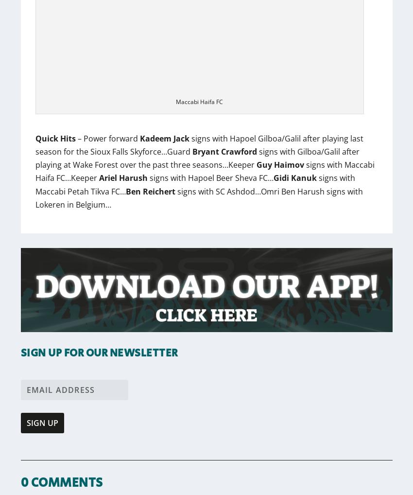 This screenshot has width=413, height=495. What do you see at coordinates (34, 158) in the screenshot?
I see `'signs with Gilboa/Galil after playing at Wake Forest over the past three seasons…Keeper'` at bounding box center [34, 158].